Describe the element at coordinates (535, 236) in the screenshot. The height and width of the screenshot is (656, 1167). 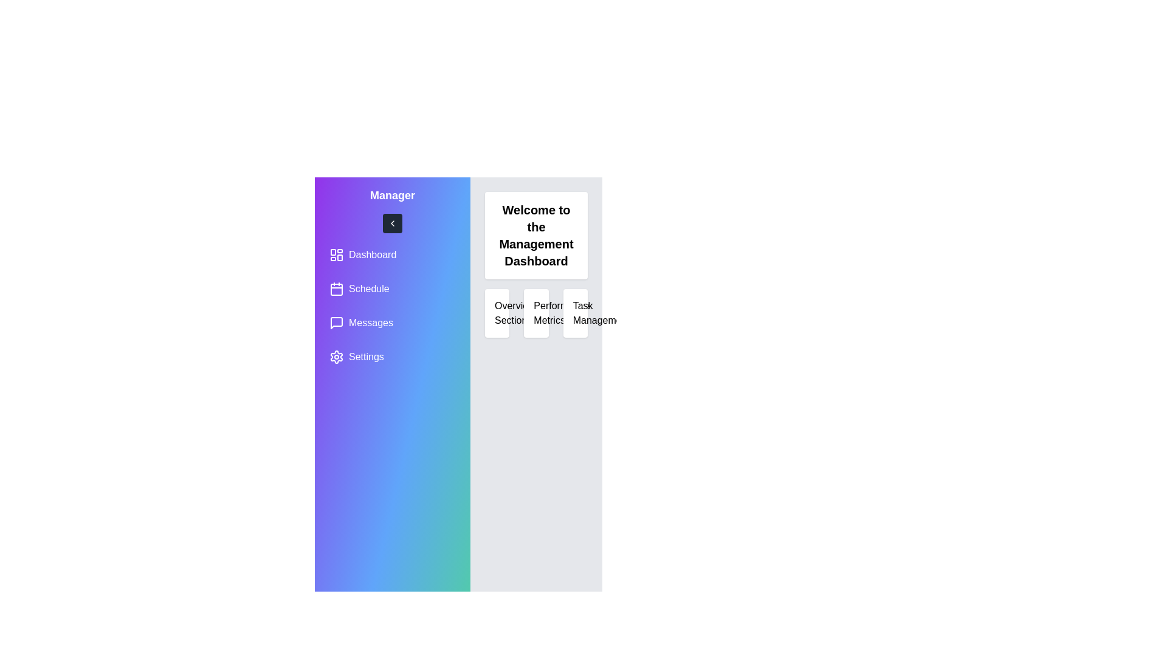
I see `the text element displaying 'Welcome to the Management Dashboard', which is prominently centered in a white rounded rectangle box in the top-right section of the interface` at that location.